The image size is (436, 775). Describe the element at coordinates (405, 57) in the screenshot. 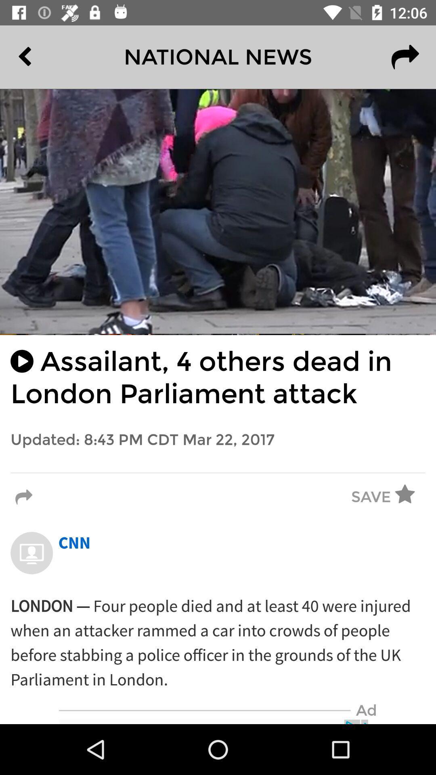

I see `item next to national news` at that location.